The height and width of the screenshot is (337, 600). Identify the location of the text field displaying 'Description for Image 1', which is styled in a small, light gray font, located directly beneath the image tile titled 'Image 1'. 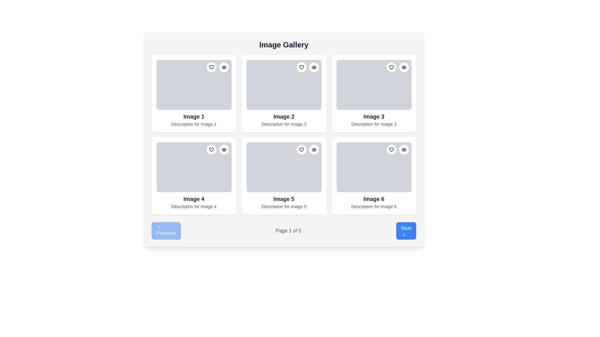
(193, 124).